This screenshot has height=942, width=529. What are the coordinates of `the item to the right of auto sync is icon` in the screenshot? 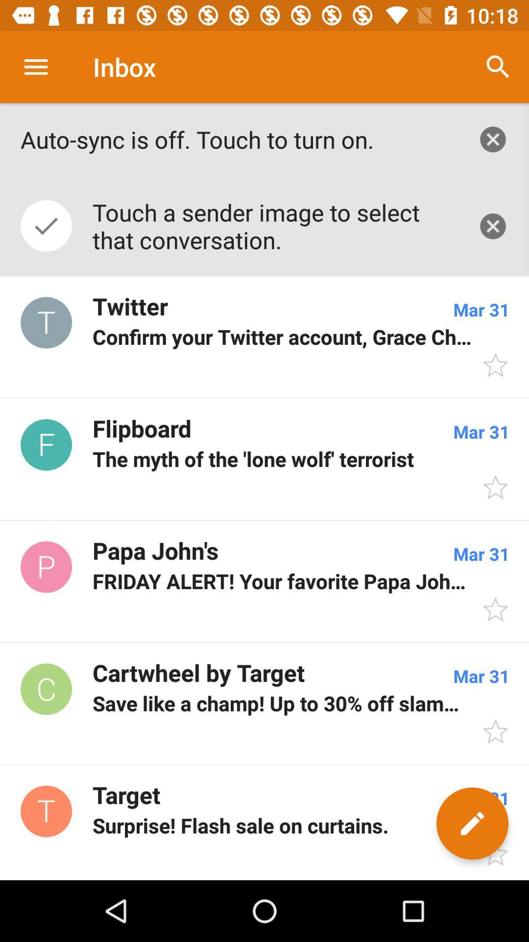 It's located at (493, 139).